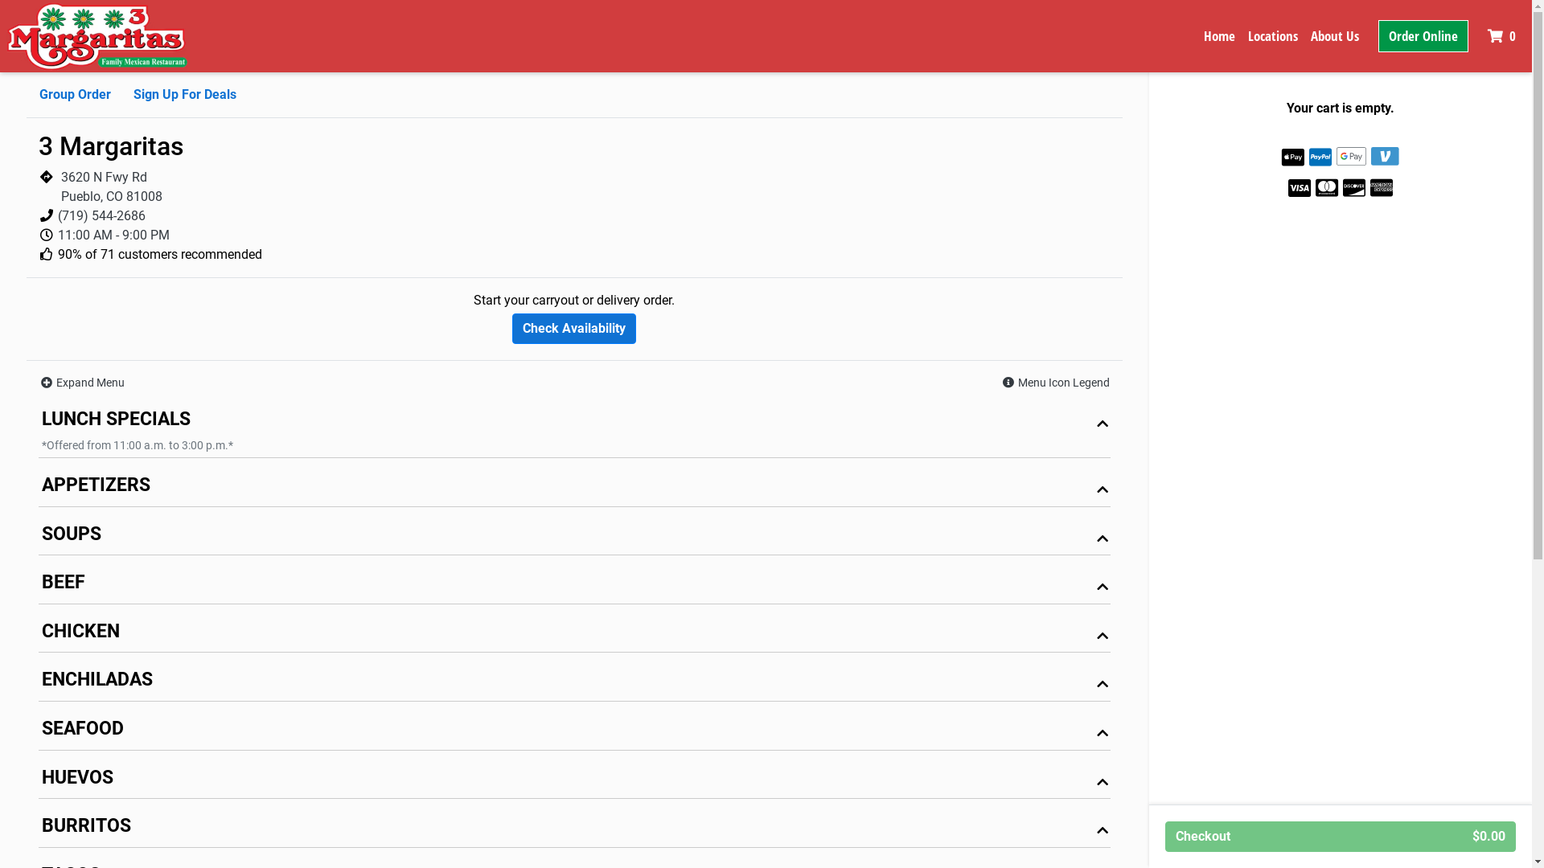 This screenshot has width=1544, height=868. What do you see at coordinates (1300, 186) in the screenshot?
I see `'Accepts Visa'` at bounding box center [1300, 186].